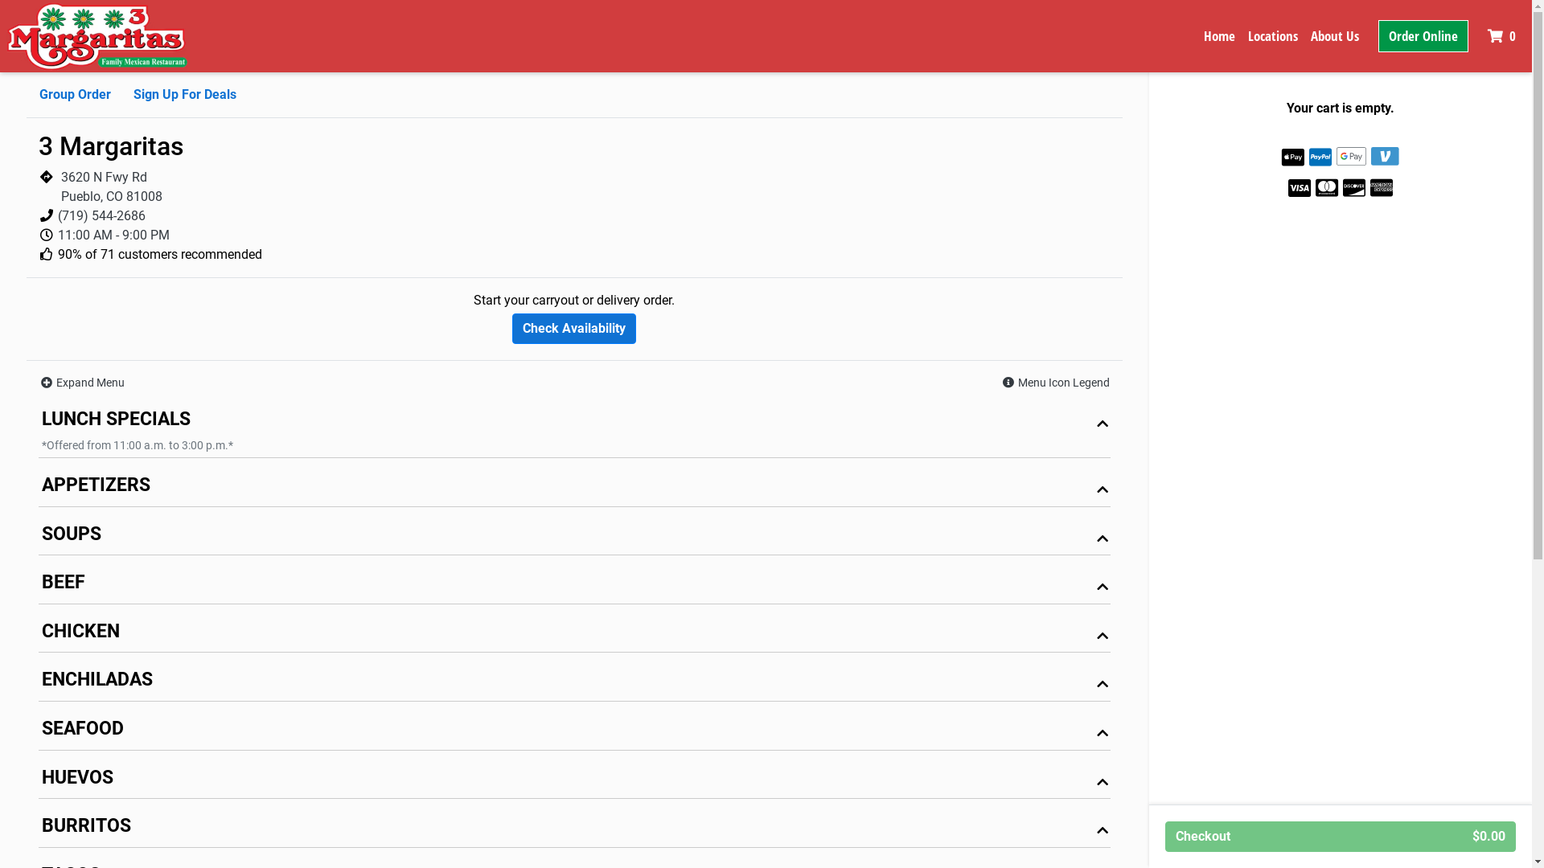 This screenshot has width=1544, height=868. What do you see at coordinates (1300, 186) in the screenshot?
I see `'Accepts Visa'` at bounding box center [1300, 186].